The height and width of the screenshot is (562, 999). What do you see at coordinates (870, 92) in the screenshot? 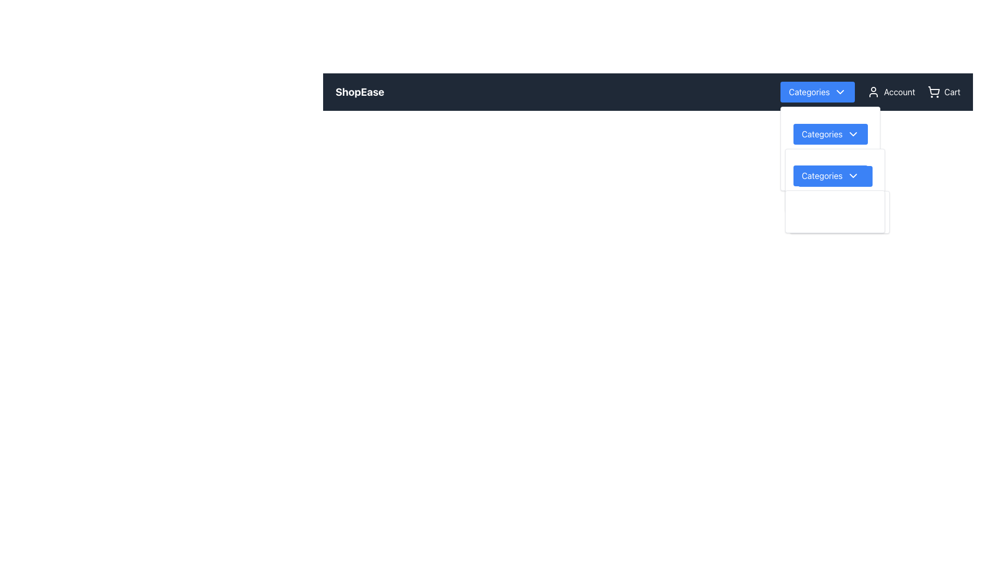
I see `the 'Account' button with a user icon in the navigation bar` at bounding box center [870, 92].